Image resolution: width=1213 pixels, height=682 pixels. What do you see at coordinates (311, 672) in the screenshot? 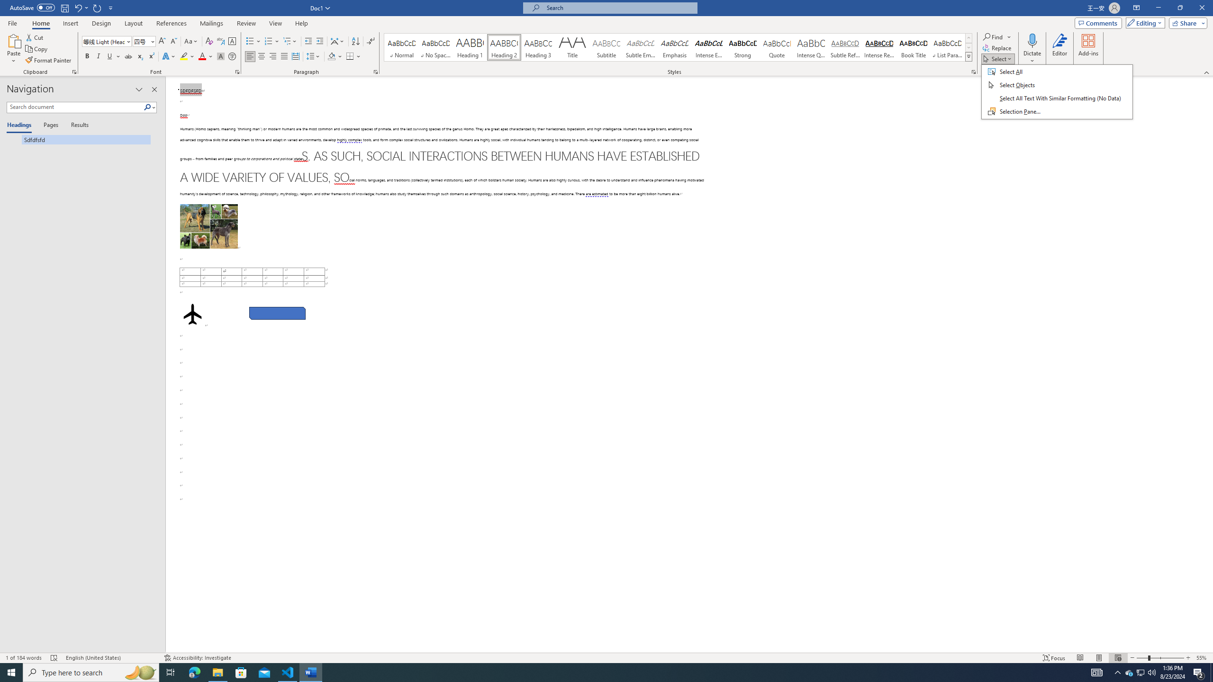
I see `'Word - 1 running window'` at bounding box center [311, 672].